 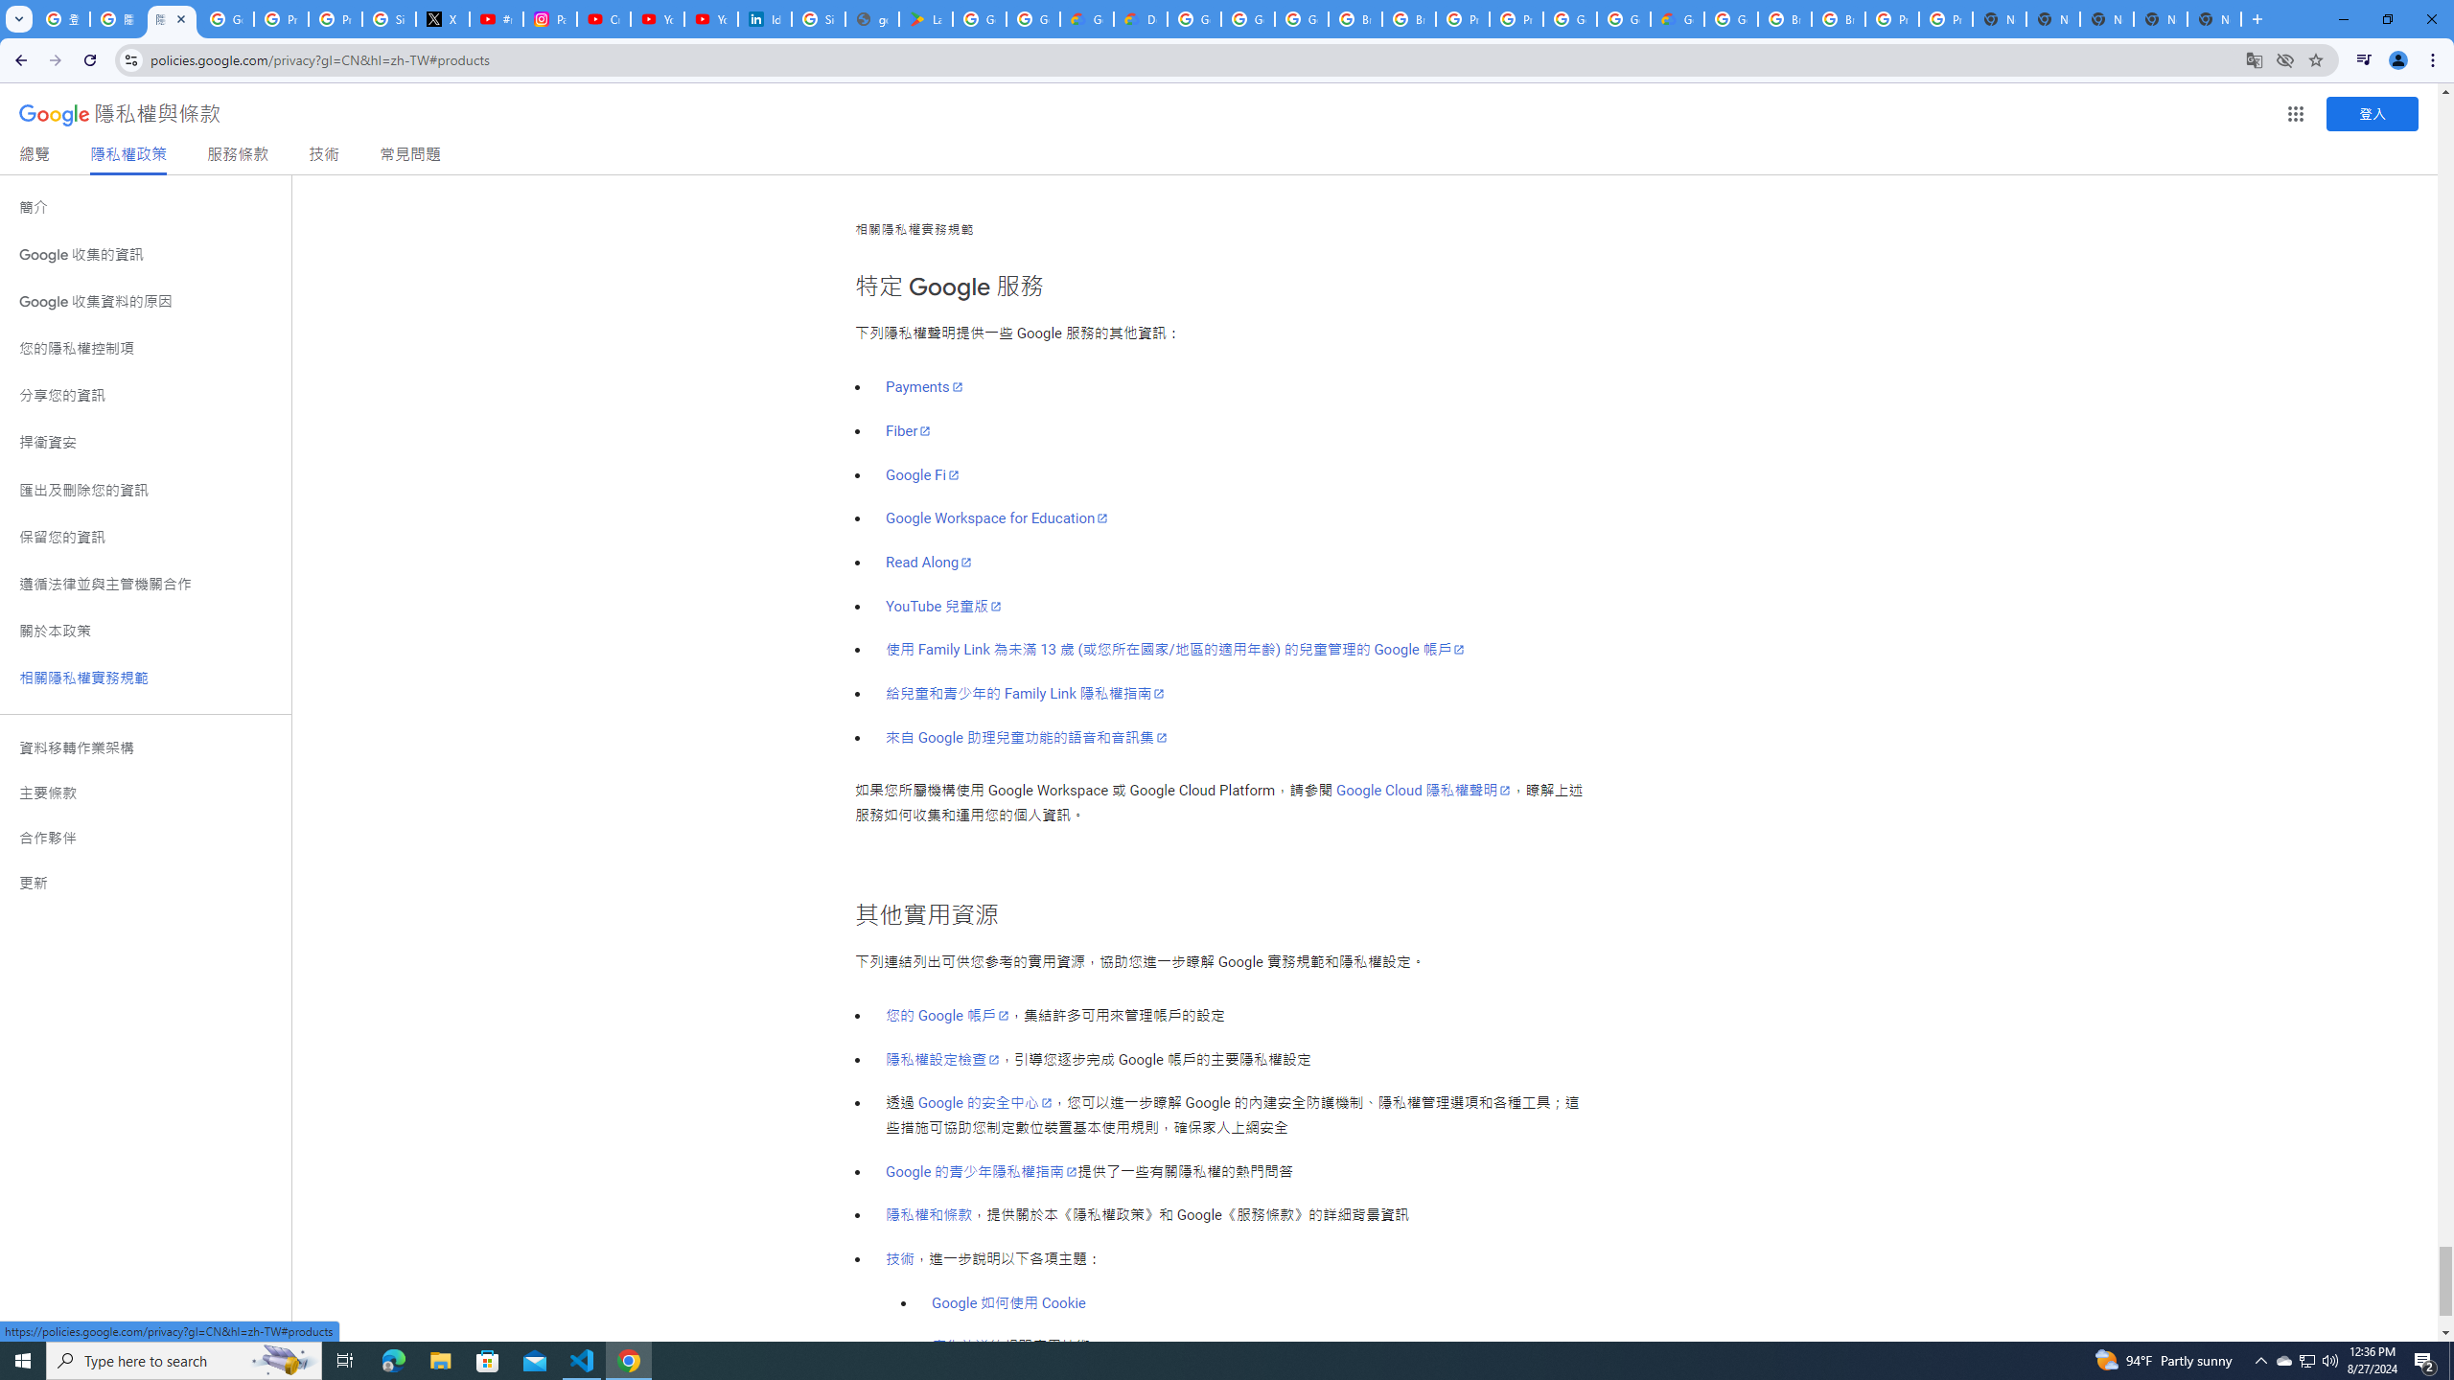 I want to click on 'Privacy Help Center - Policies Help', so click(x=334, y=18).